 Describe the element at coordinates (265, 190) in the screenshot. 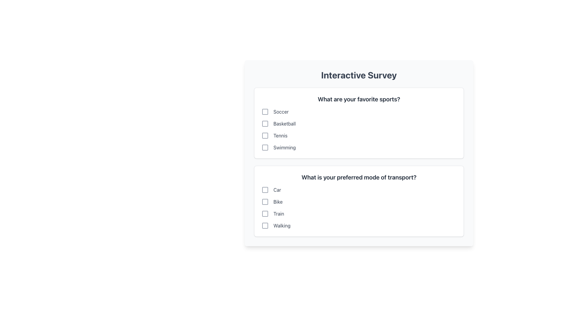

I see `the empty gray checkbox icon on the left side of the label 'Car' in the options under 'What is your preferred mode of transport?'` at that location.